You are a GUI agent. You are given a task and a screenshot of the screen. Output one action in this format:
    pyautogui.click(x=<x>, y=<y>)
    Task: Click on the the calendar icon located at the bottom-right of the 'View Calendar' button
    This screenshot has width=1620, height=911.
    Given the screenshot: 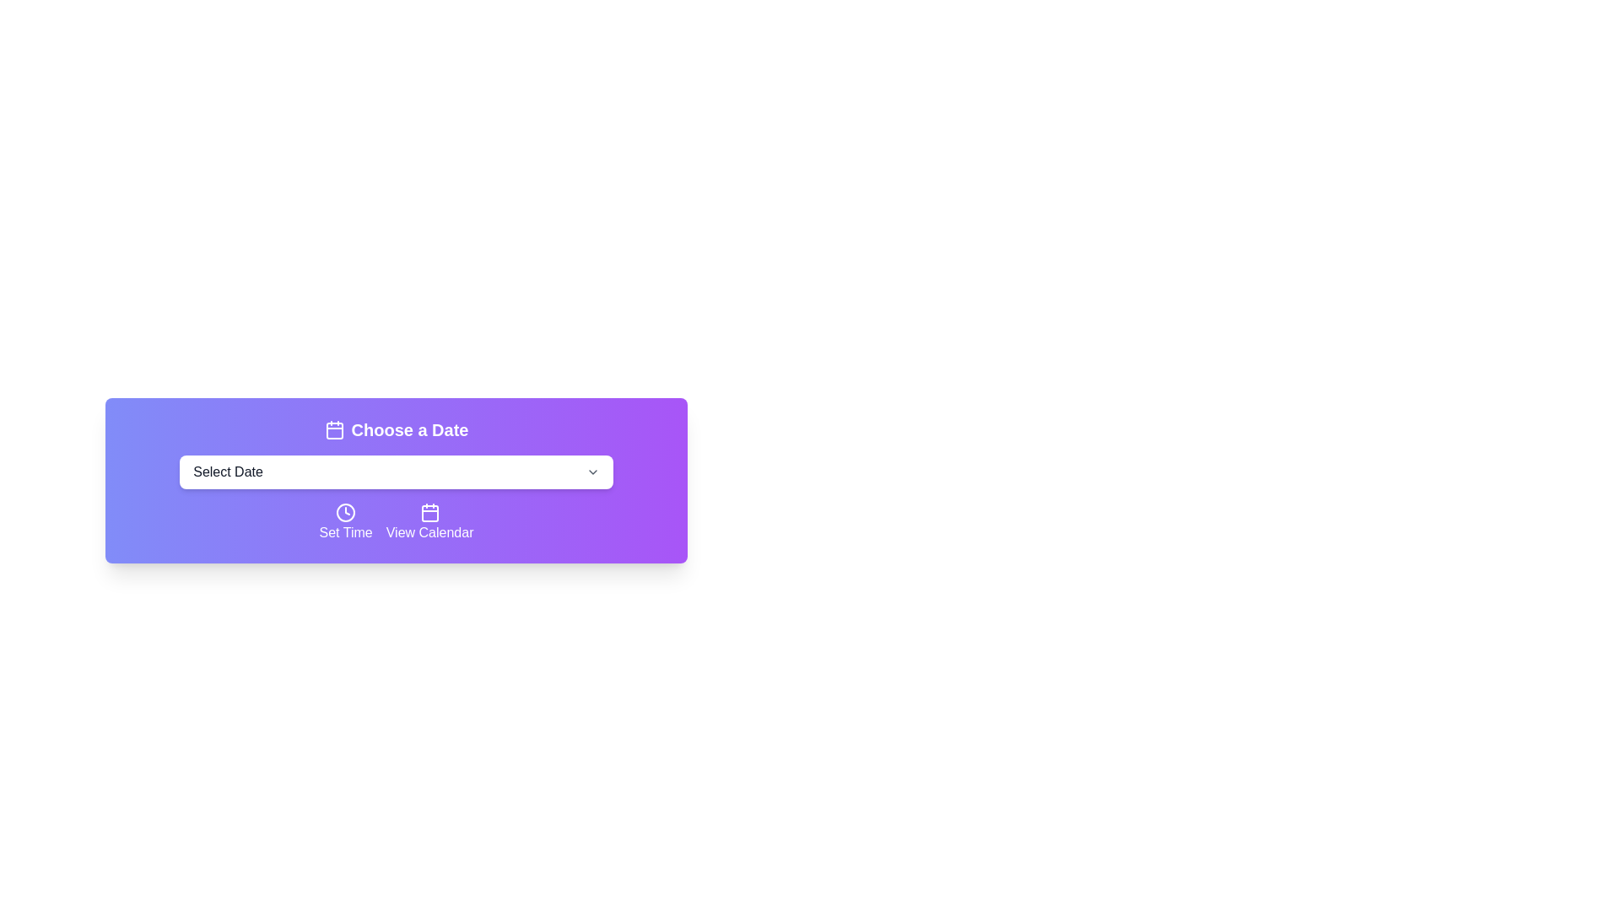 What is the action you would take?
    pyautogui.click(x=429, y=512)
    